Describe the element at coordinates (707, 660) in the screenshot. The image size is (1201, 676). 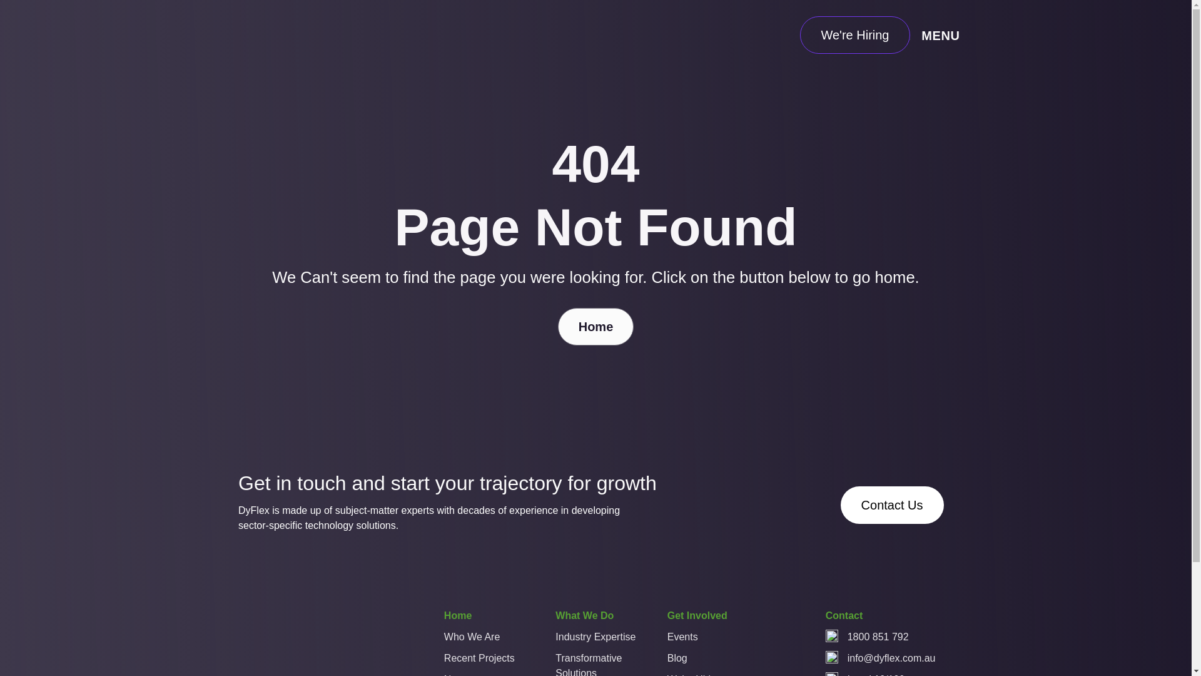
I see `'Blog'` at that location.